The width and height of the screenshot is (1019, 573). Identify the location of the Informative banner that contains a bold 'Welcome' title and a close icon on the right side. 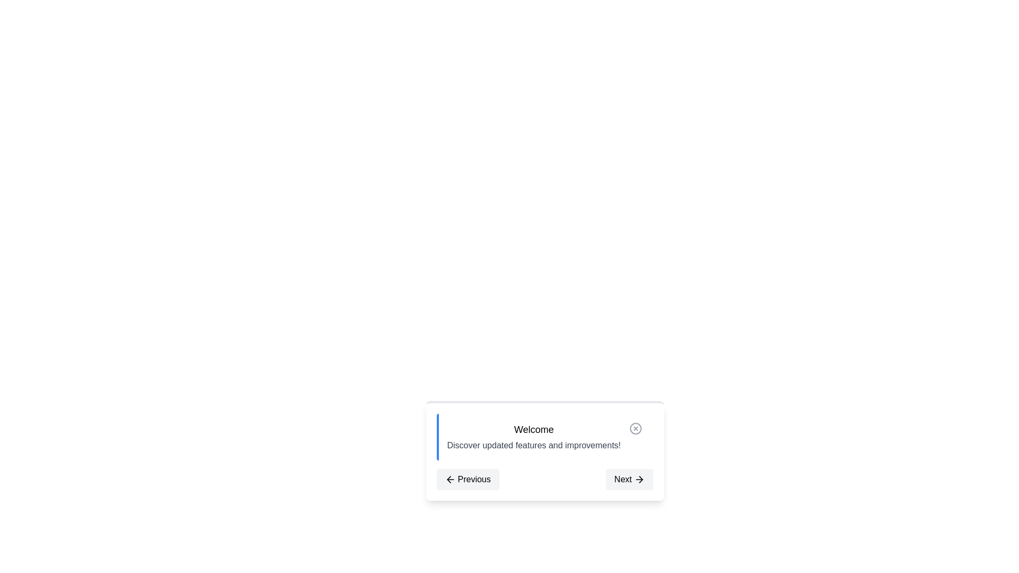
(545, 437).